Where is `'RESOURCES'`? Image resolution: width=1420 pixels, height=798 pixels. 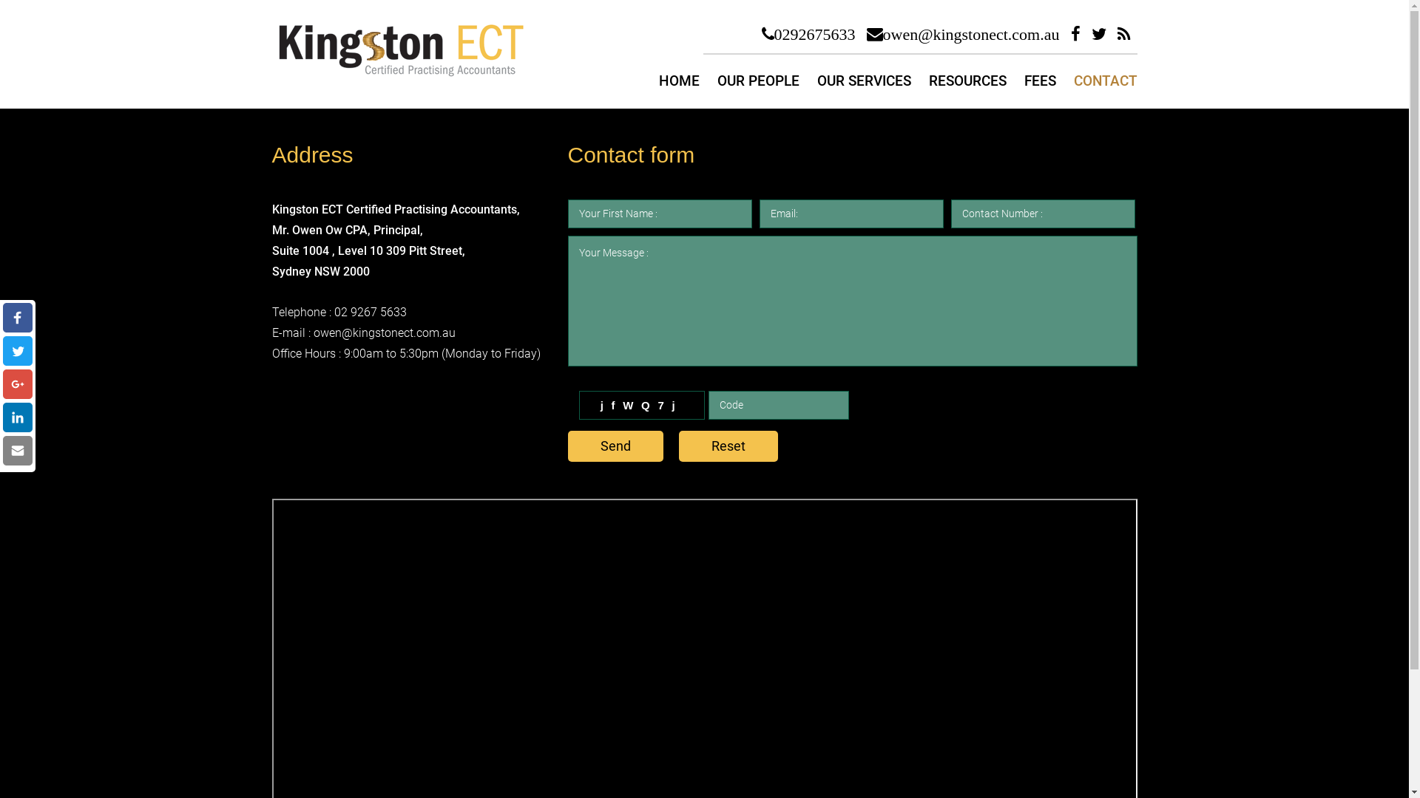 'RESOURCES' is located at coordinates (928, 81).